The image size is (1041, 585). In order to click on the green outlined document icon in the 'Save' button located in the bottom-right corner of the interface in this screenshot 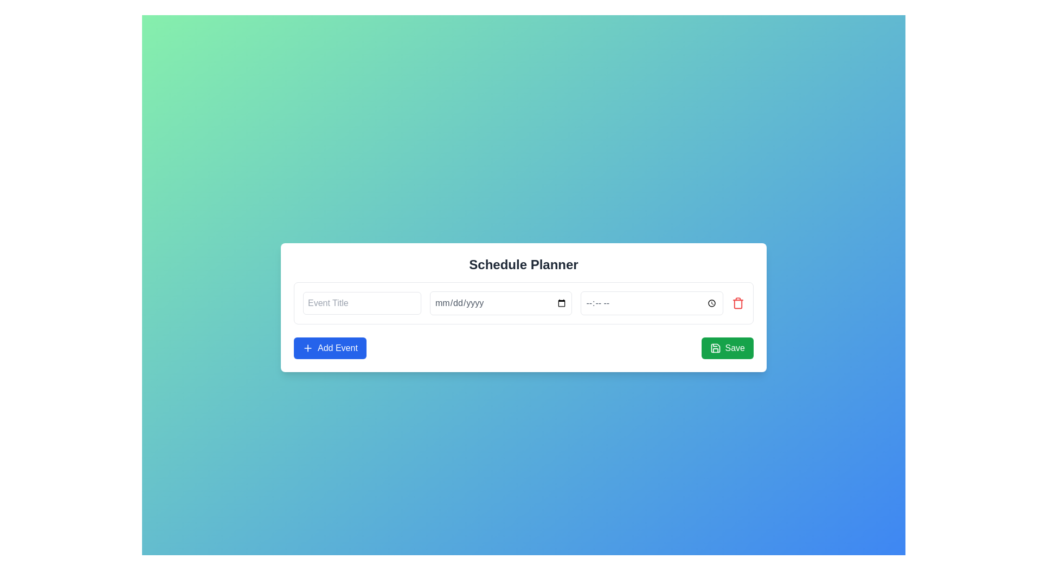, I will do `click(715, 348)`.